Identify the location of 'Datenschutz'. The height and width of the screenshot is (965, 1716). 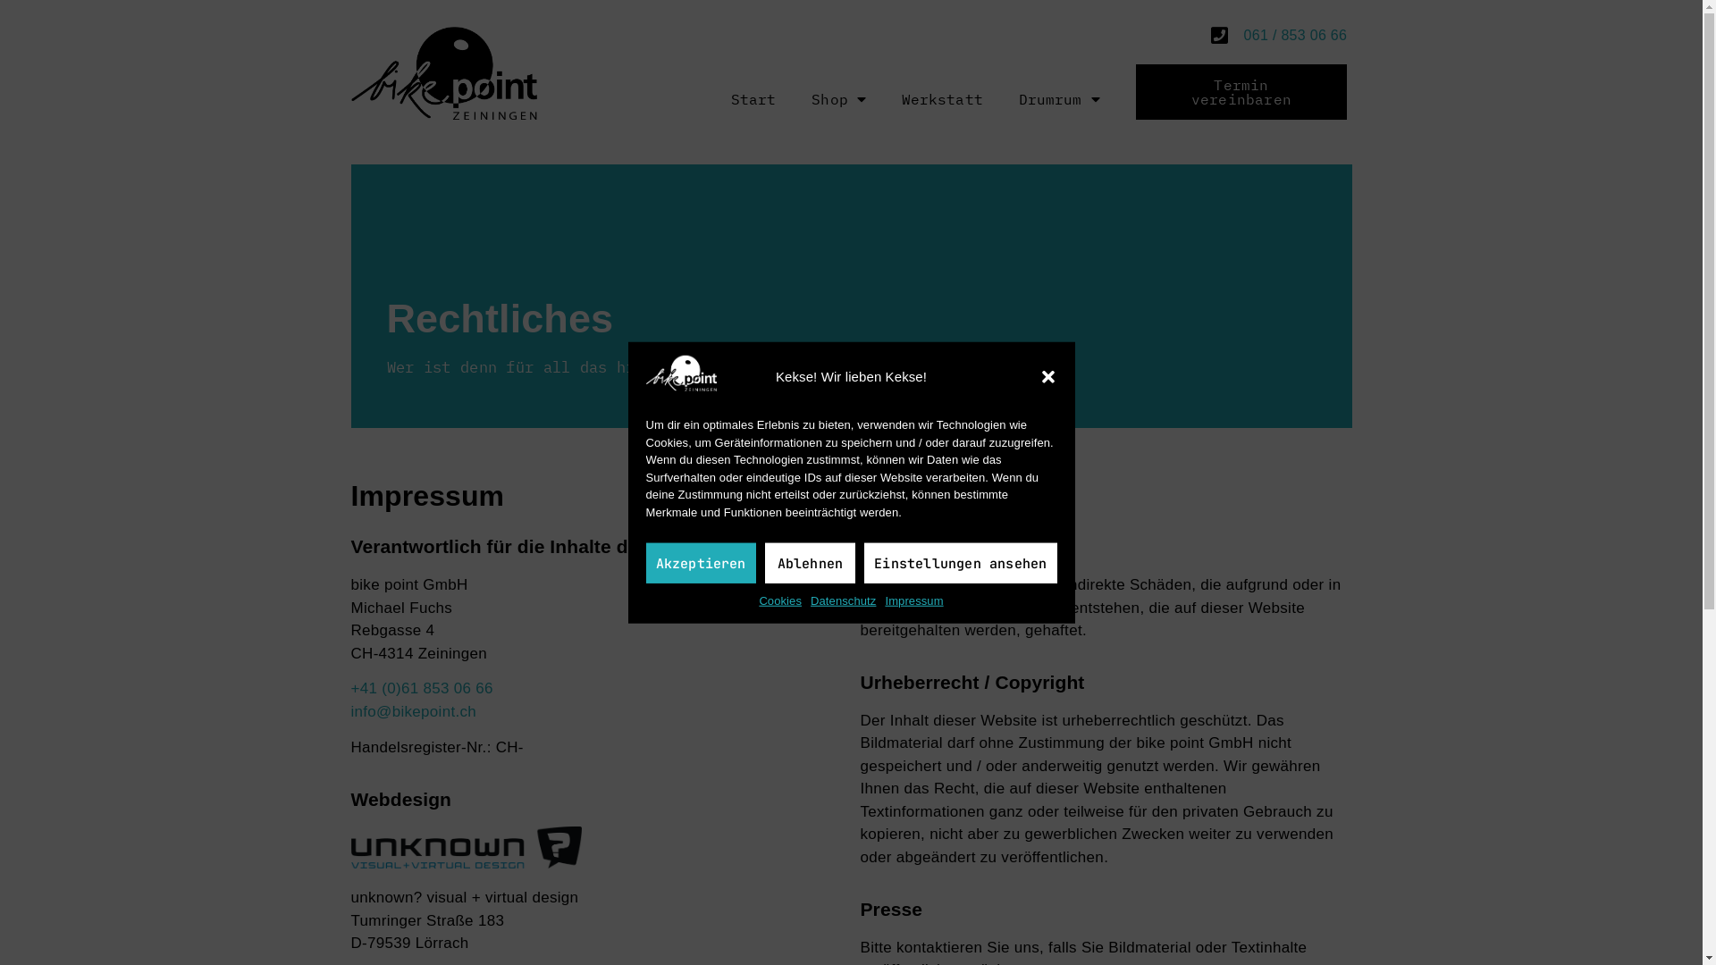
(842, 600).